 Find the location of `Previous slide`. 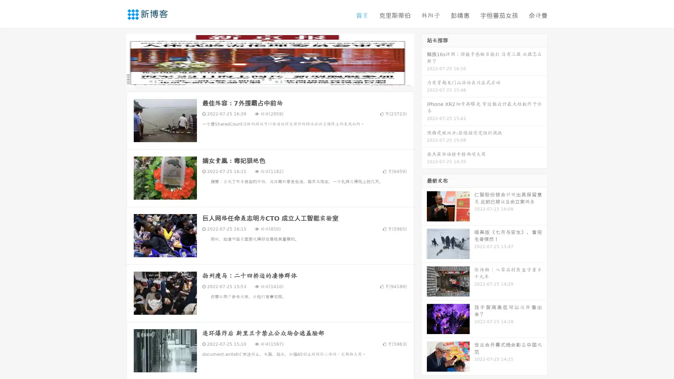

Previous slide is located at coordinates (116, 59).